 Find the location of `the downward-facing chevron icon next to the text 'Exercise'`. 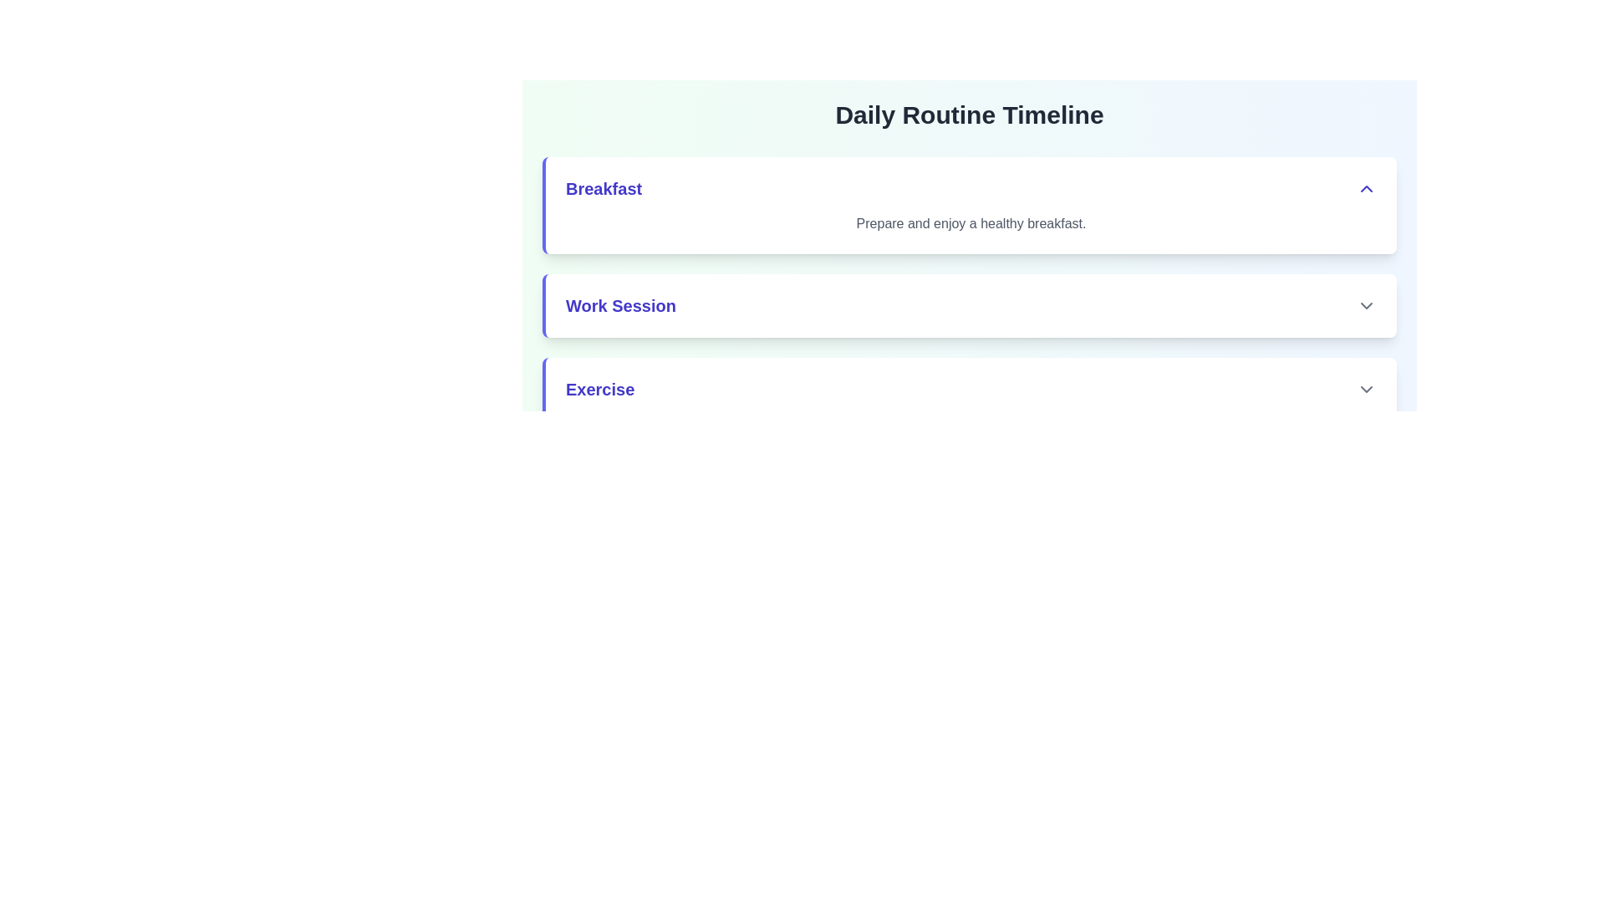

the downward-facing chevron icon next to the text 'Exercise' is located at coordinates (1367, 390).